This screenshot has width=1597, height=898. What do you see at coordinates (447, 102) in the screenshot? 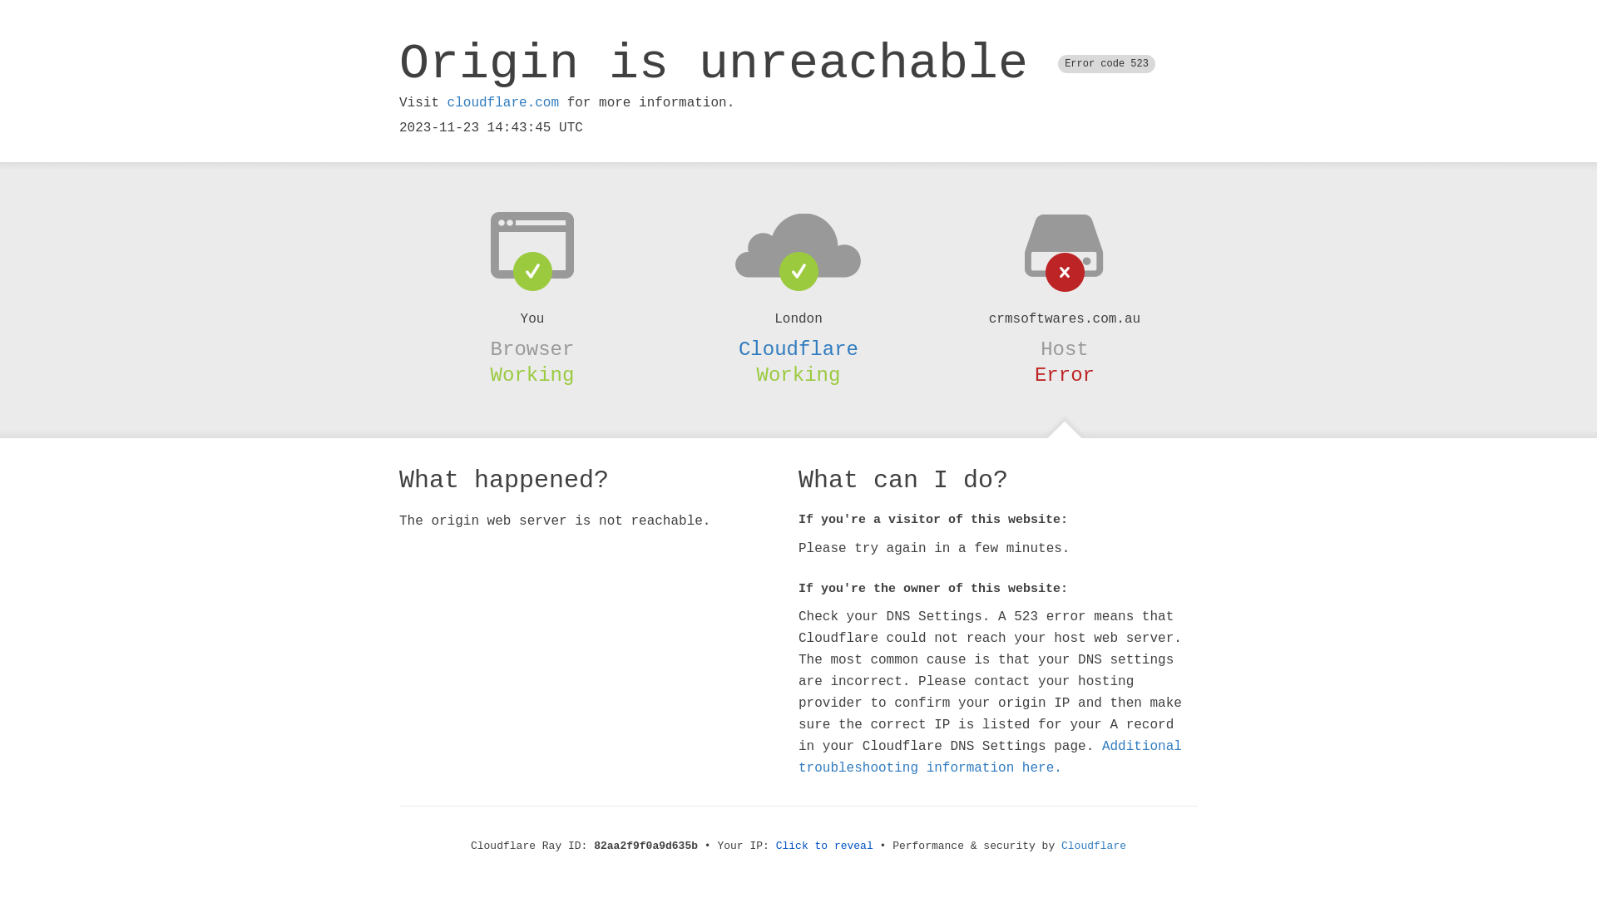
I see `'cloudflare.com'` at bounding box center [447, 102].